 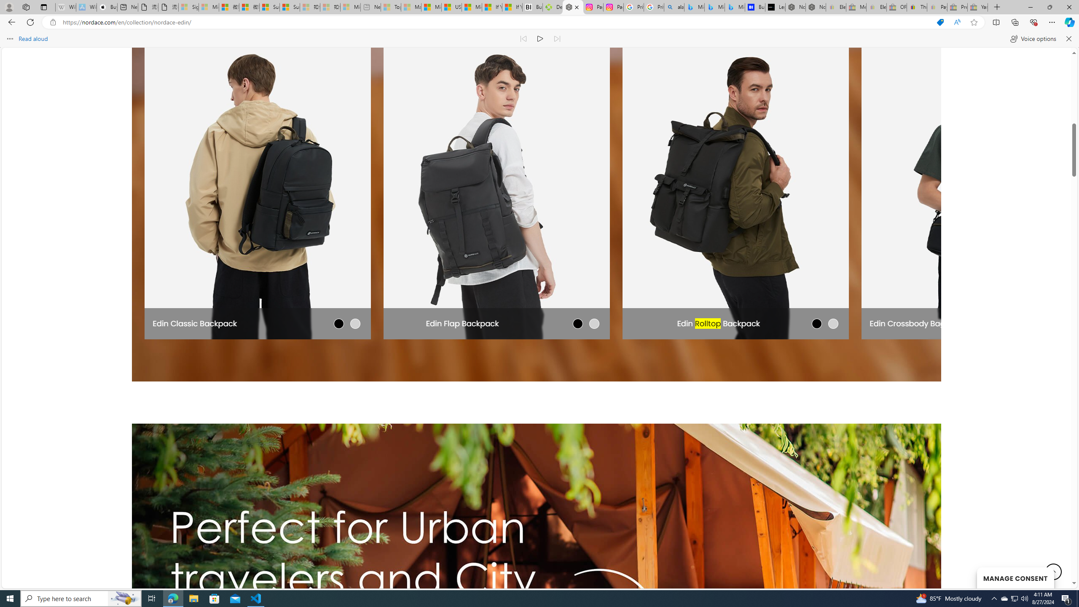 What do you see at coordinates (540, 38) in the screenshot?
I see `'Continue to read aloud (Ctrl+Shift+U)'` at bounding box center [540, 38].